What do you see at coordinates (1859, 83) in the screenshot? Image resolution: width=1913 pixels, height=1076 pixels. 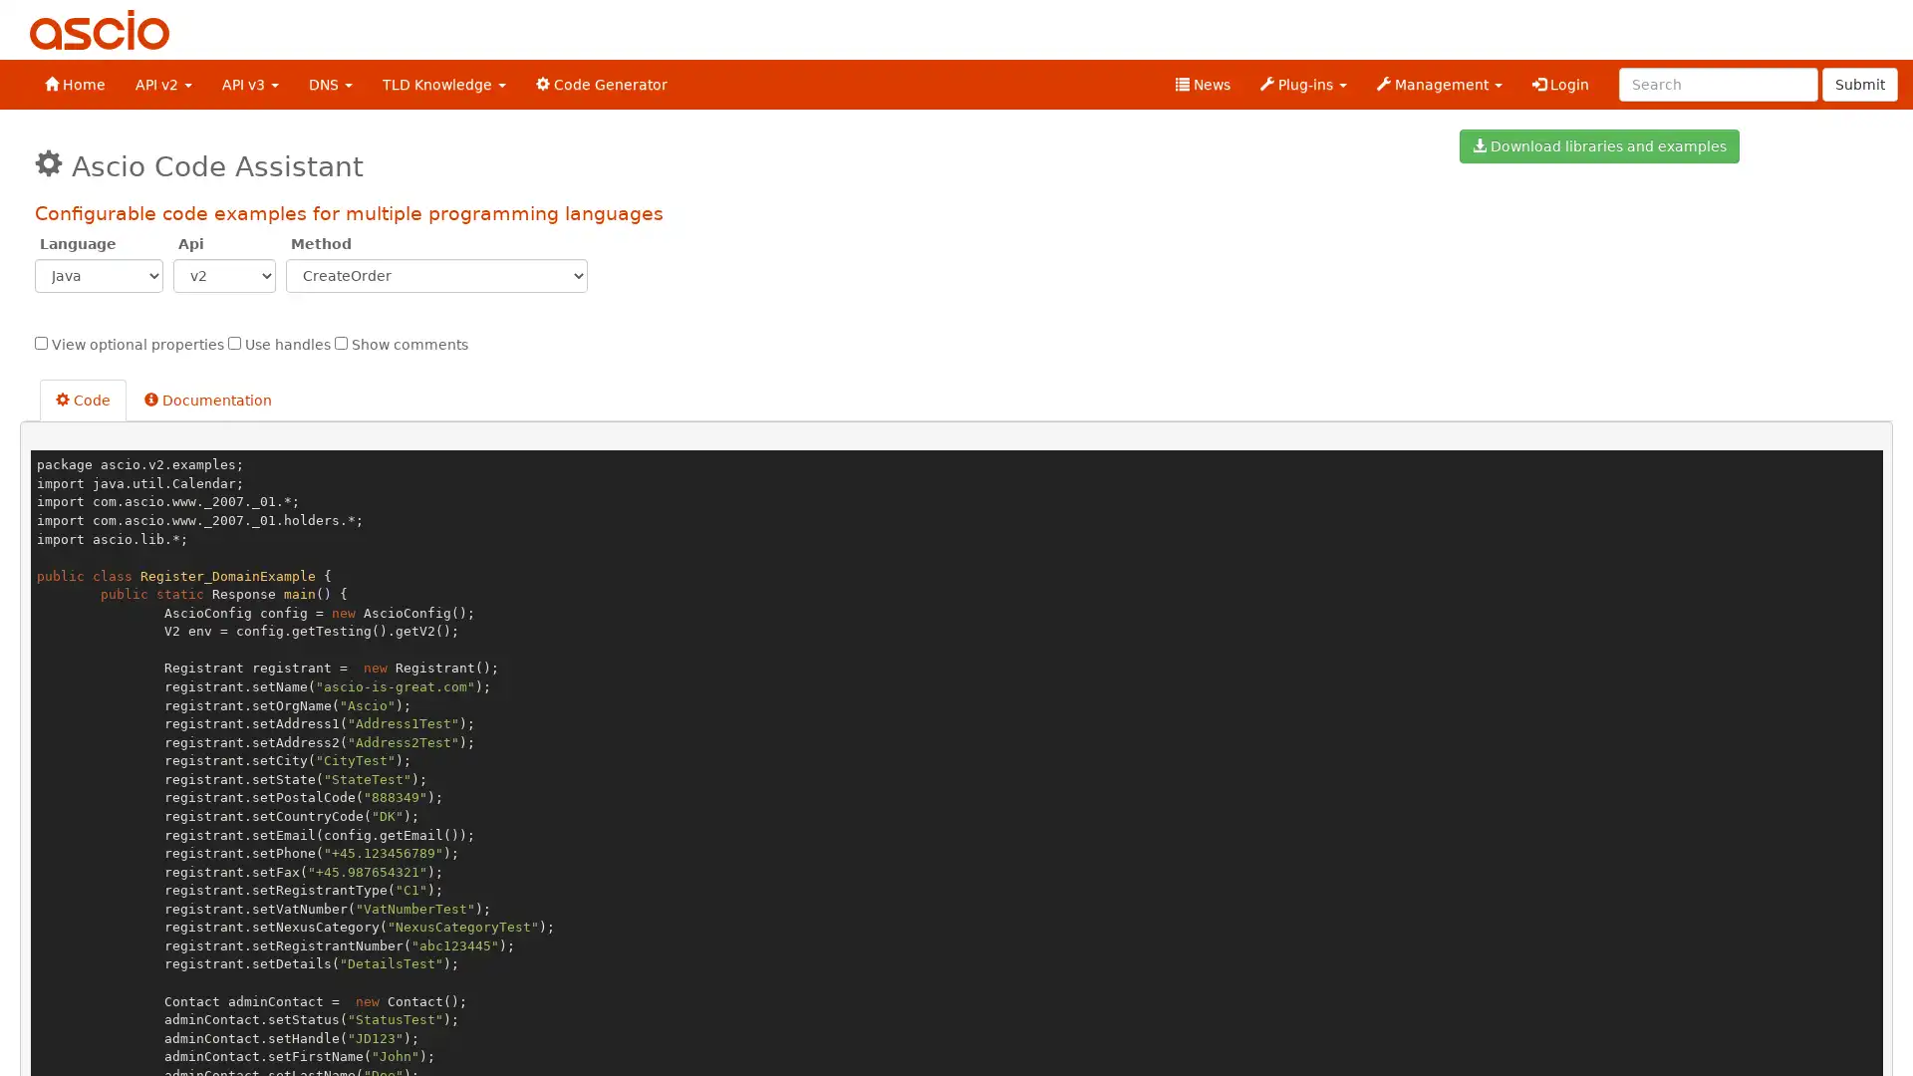 I see `Submit` at bounding box center [1859, 83].